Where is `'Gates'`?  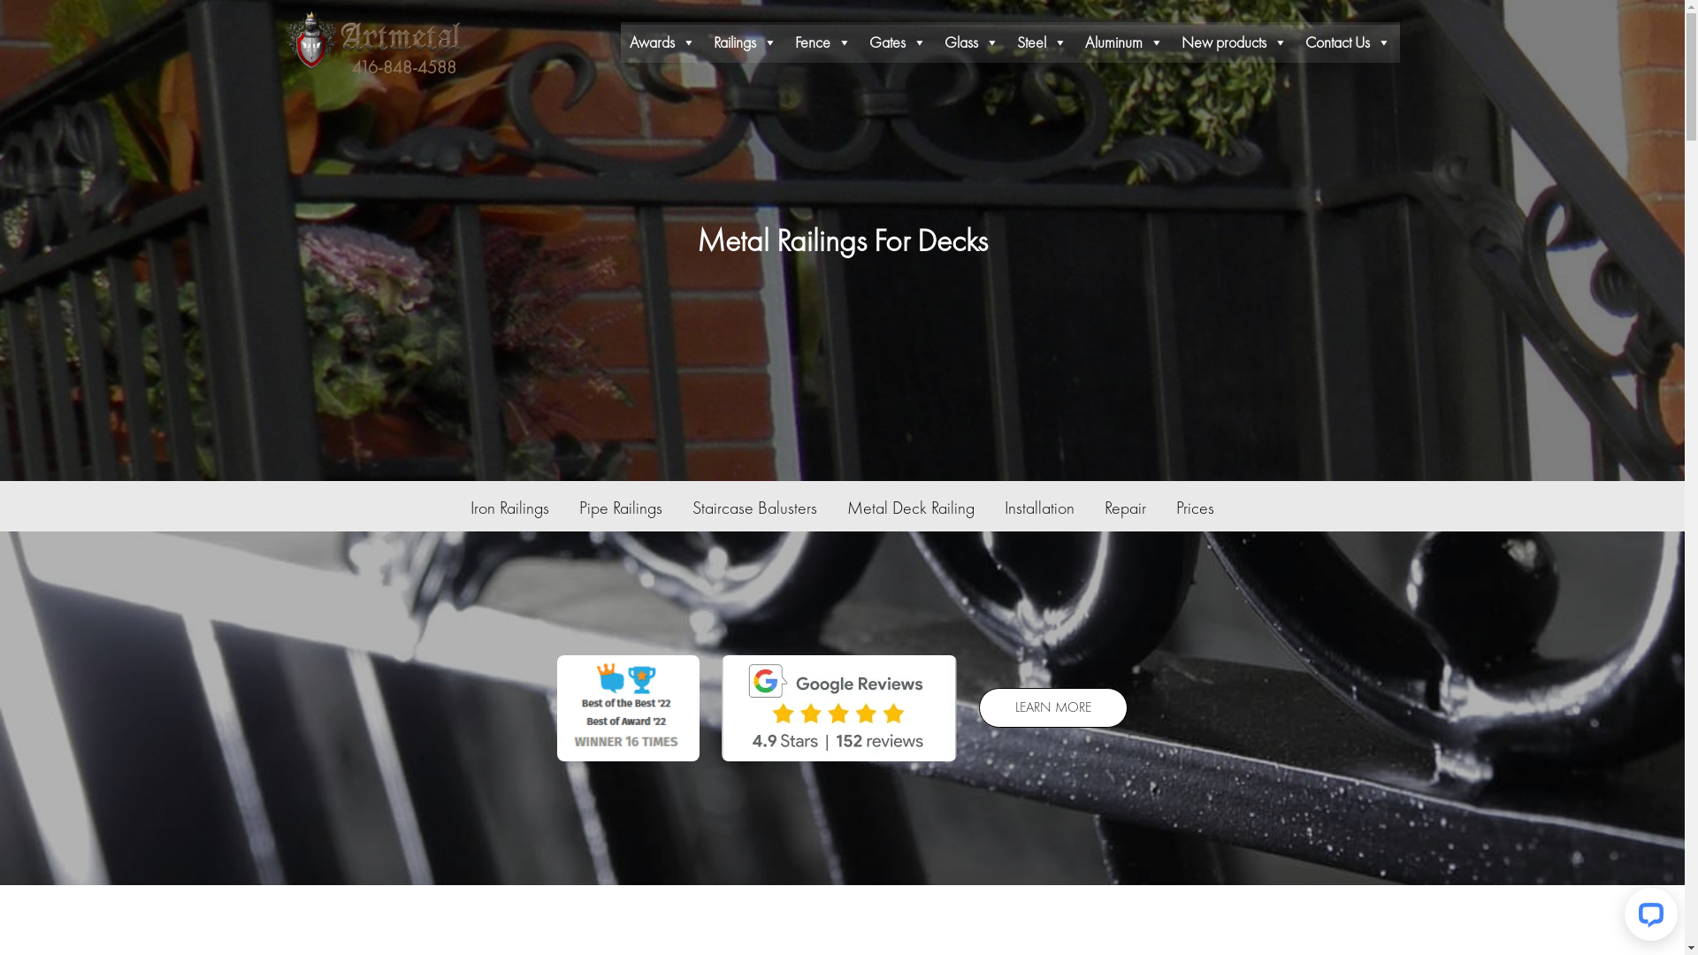 'Gates' is located at coordinates (897, 41).